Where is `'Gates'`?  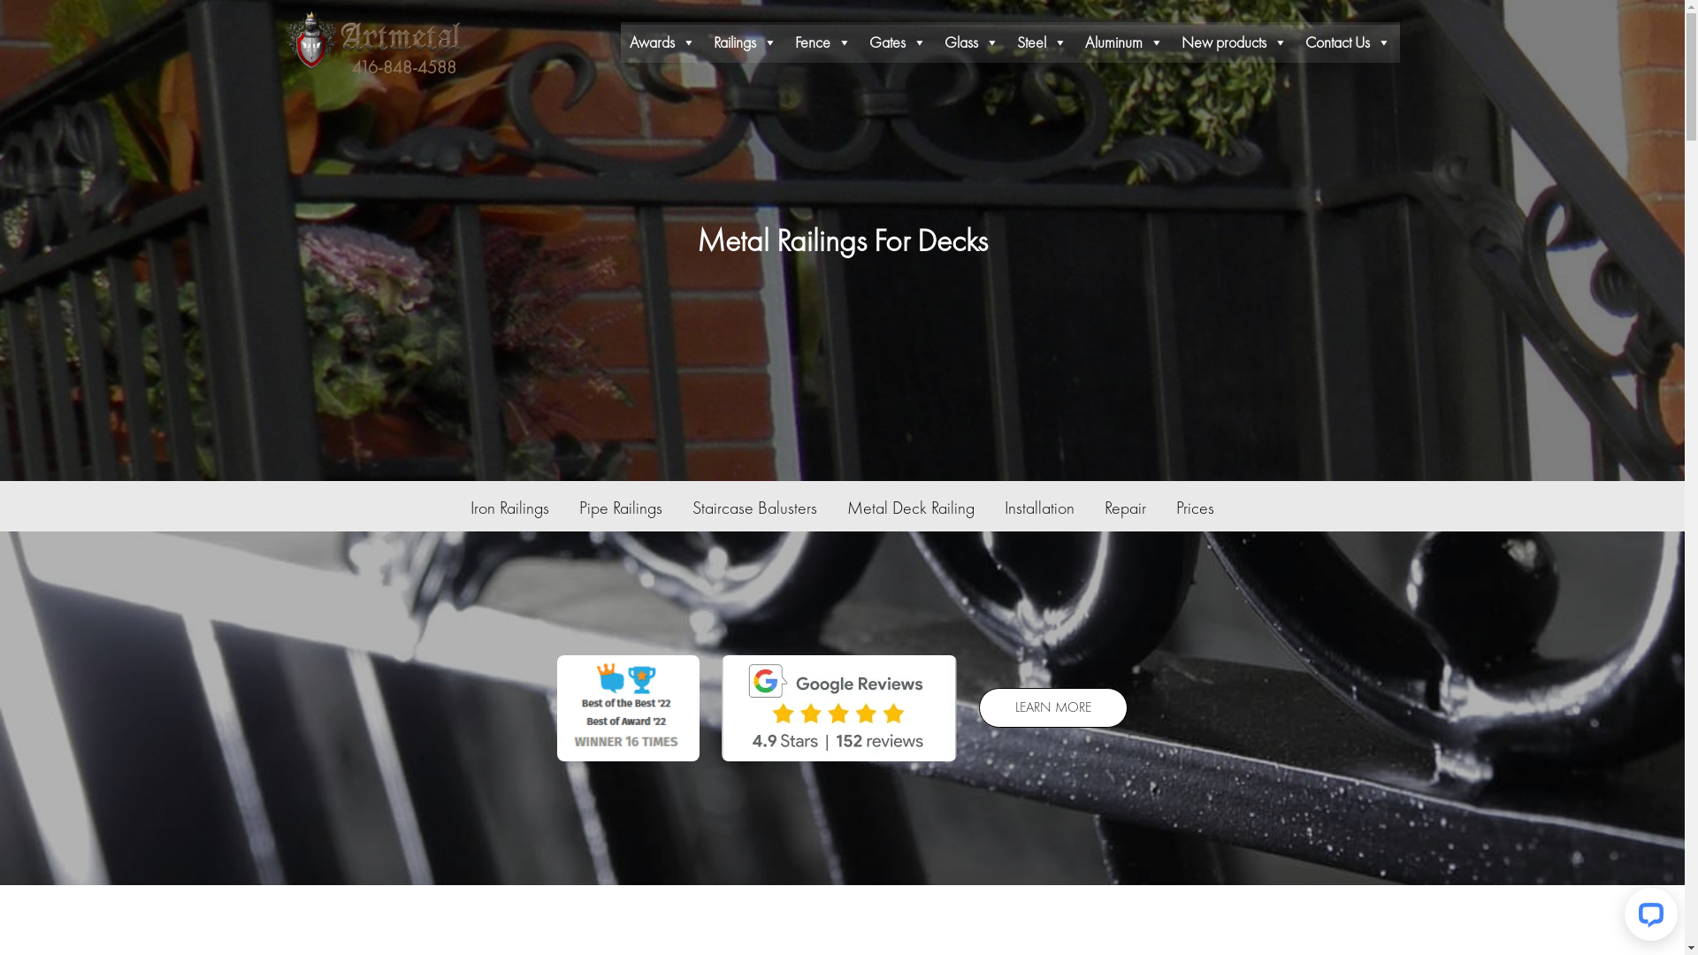 'Gates' is located at coordinates (897, 41).